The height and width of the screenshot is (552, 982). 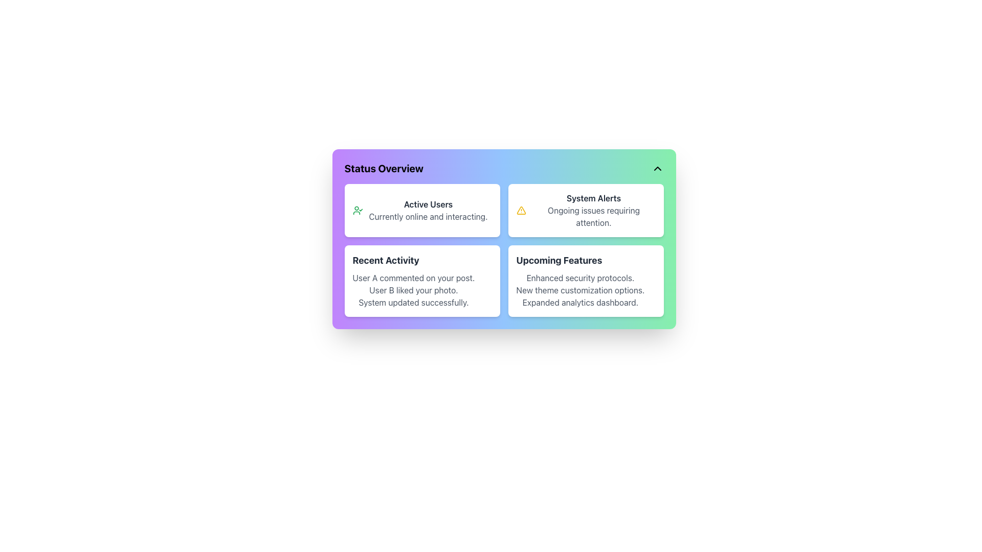 I want to click on the heading element indicating active users in the 'Status Overview' section, located in the top-left quadrant above the text 'Currently online and interacting.', so click(x=428, y=204).